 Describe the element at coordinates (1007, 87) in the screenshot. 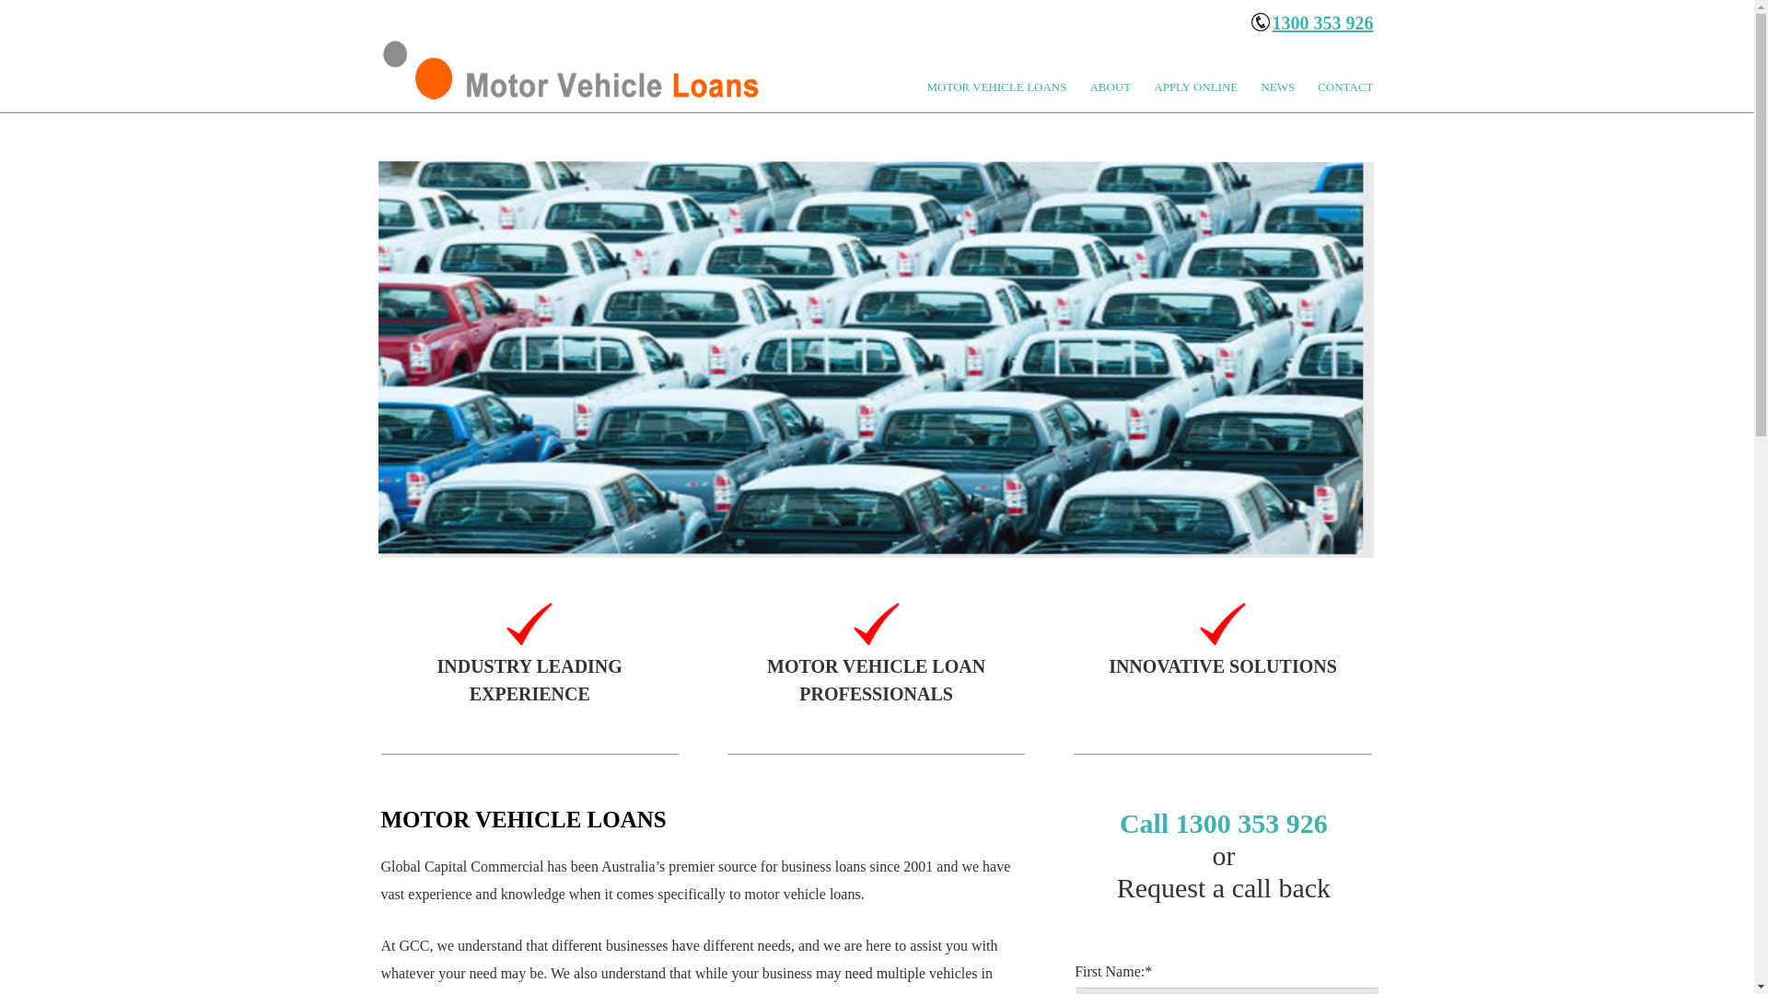

I see `'MOTOR VEHICLE LOANS'` at that location.